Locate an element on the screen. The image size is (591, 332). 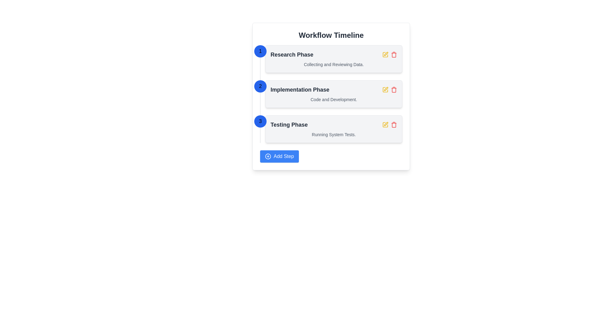
the trash bin icon located at the top-right corner of the 'Implementation Phase' row in the Workflow Timeline interface is located at coordinates (389, 90).